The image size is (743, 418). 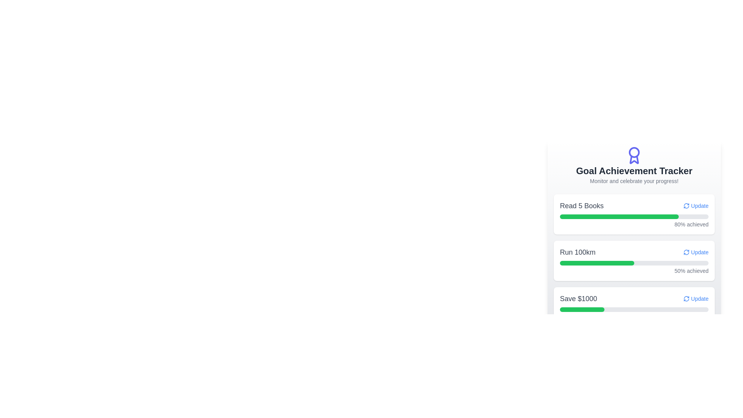 I want to click on the static text element that states 'Monitor and celebrate your progress!', which is located beneath the 'Goal Achievement Tracker' title, so click(x=634, y=181).